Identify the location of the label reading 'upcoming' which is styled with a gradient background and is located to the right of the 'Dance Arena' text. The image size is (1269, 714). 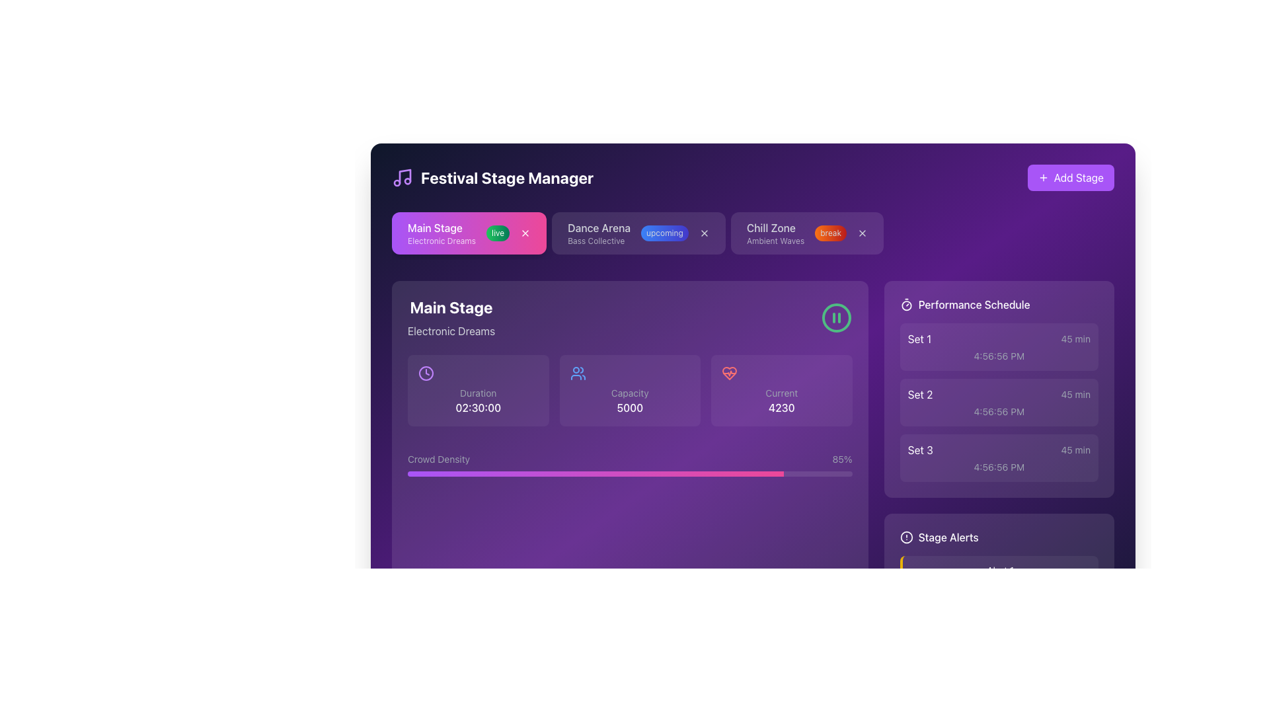
(638, 233).